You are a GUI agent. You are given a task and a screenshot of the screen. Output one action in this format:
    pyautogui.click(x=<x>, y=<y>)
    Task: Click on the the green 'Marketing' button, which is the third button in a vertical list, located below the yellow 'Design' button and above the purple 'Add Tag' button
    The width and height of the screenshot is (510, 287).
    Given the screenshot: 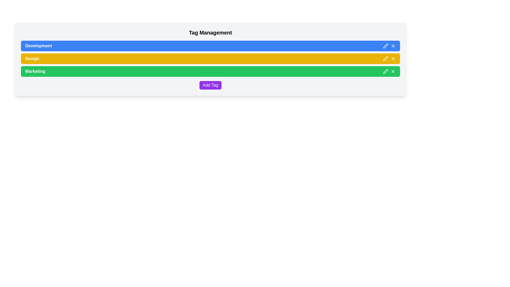 What is the action you would take?
    pyautogui.click(x=210, y=71)
    